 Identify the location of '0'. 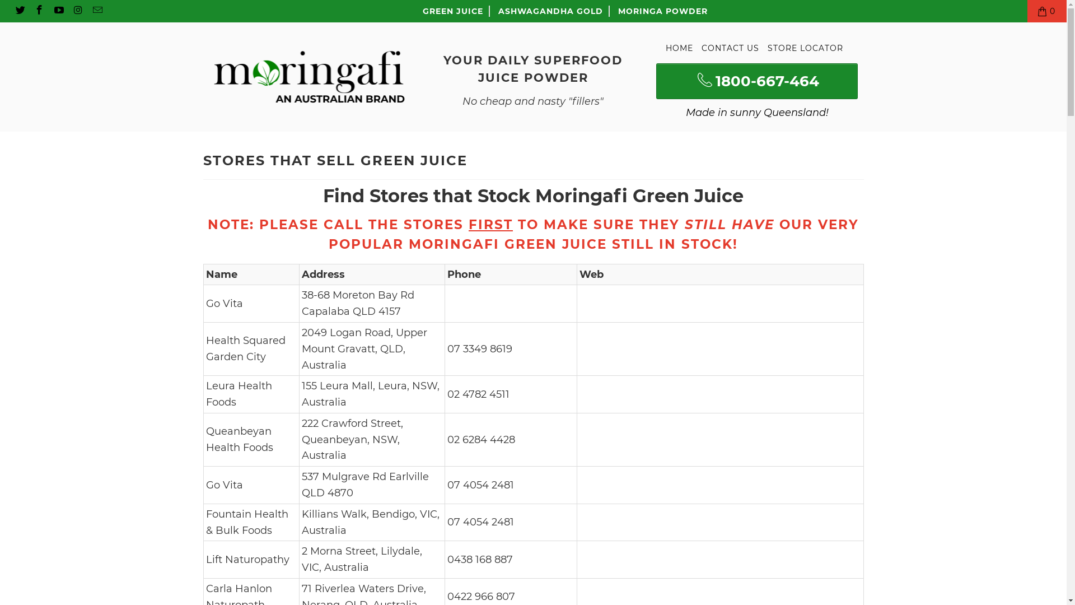
(1046, 11).